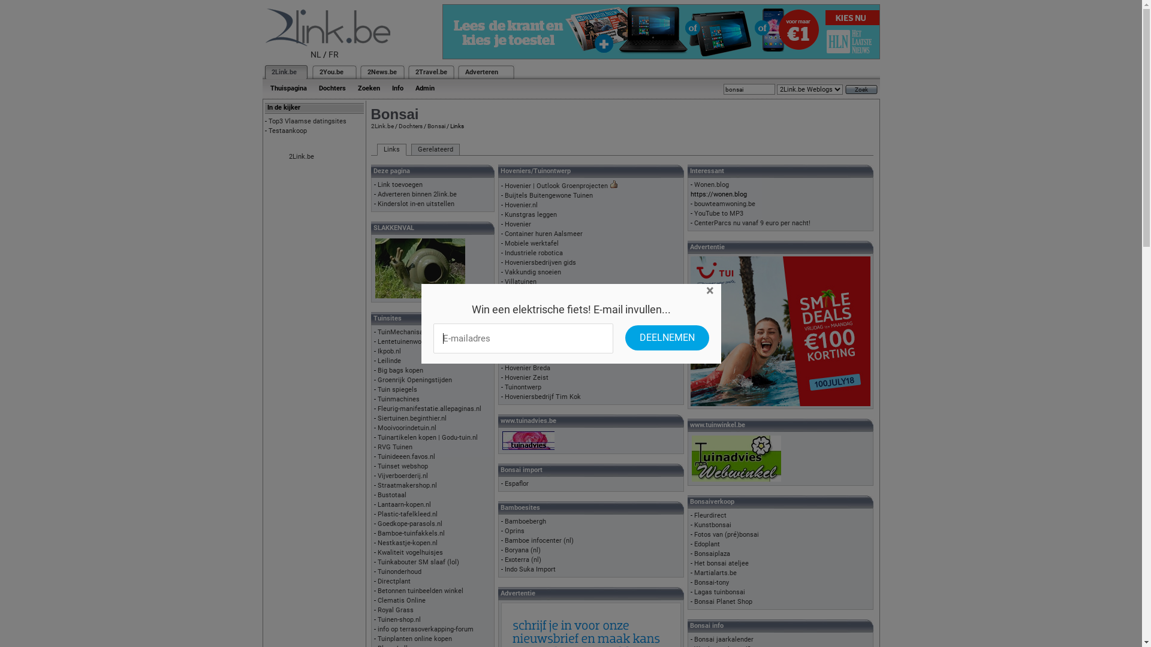 This screenshot has height=647, width=1151. I want to click on 'Betonnen tuinbeelden winkel', so click(376, 590).